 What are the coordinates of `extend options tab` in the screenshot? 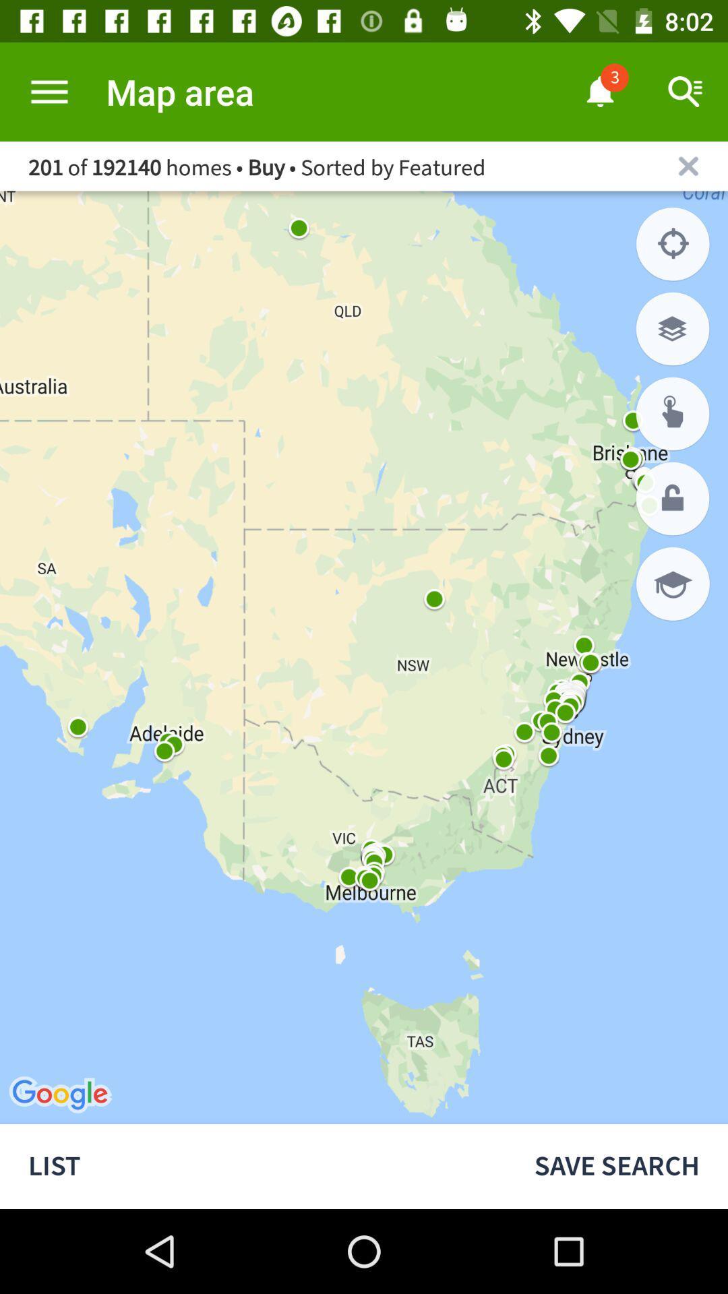 It's located at (49, 91).